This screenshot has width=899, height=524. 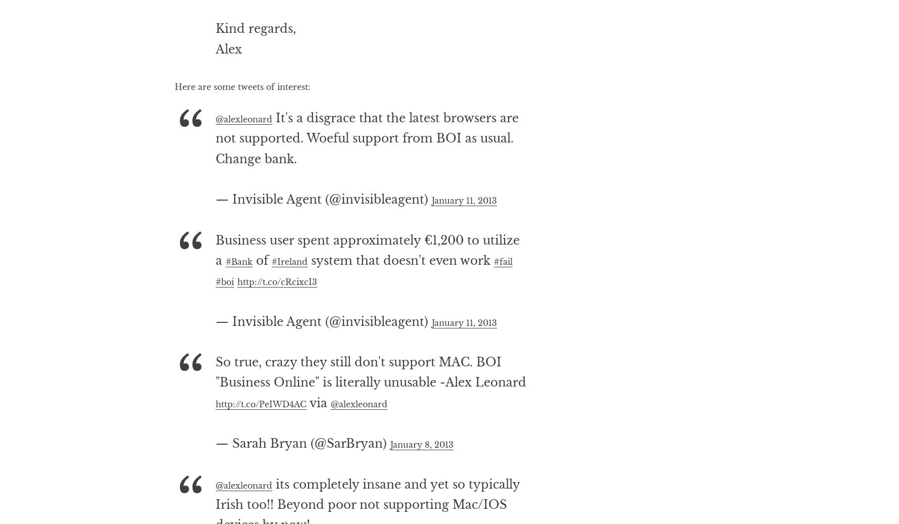 I want to click on '— Sarah Bryan (@SarBryan)', so click(x=214, y=484).